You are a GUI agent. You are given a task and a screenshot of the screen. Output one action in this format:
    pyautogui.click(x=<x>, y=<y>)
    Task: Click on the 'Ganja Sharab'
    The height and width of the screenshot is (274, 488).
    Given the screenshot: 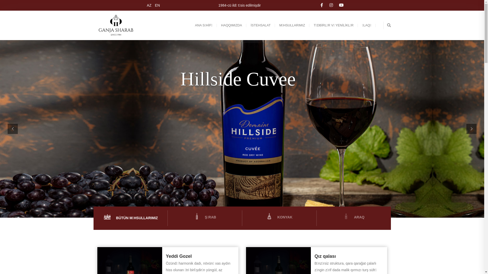 What is the action you would take?
    pyautogui.click(x=116, y=25)
    